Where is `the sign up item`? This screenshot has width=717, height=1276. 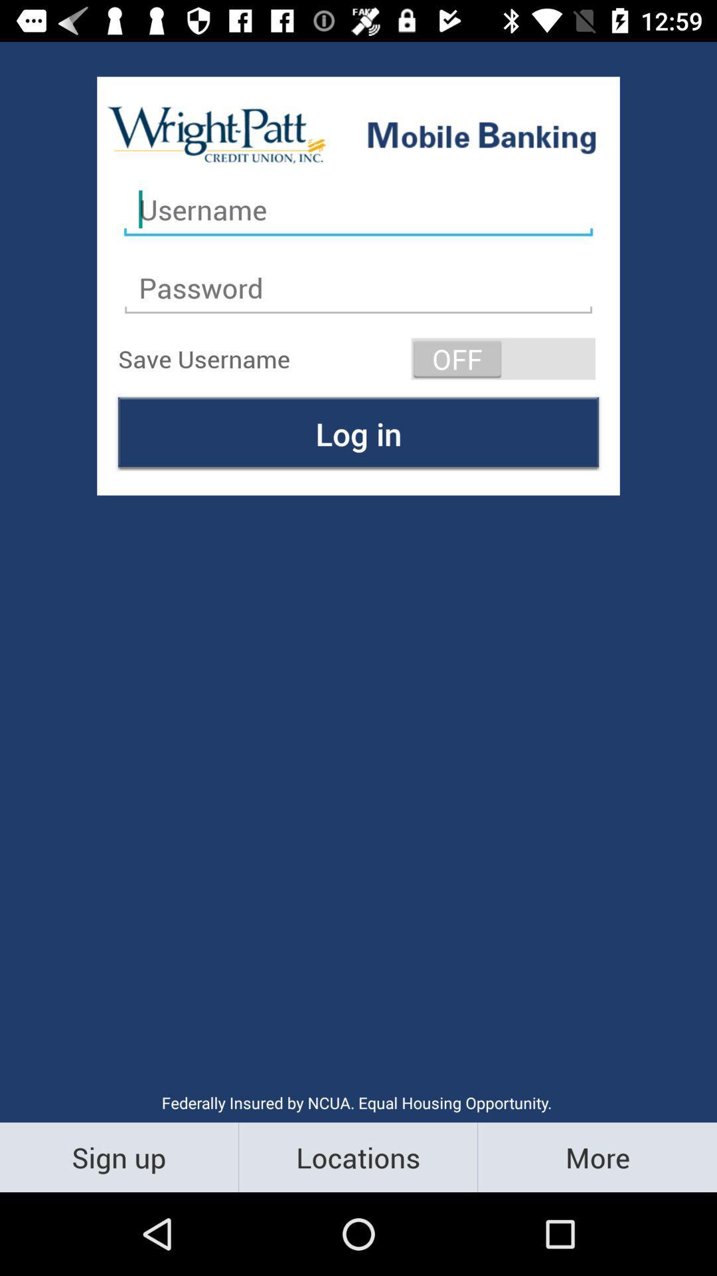
the sign up item is located at coordinates (118, 1156).